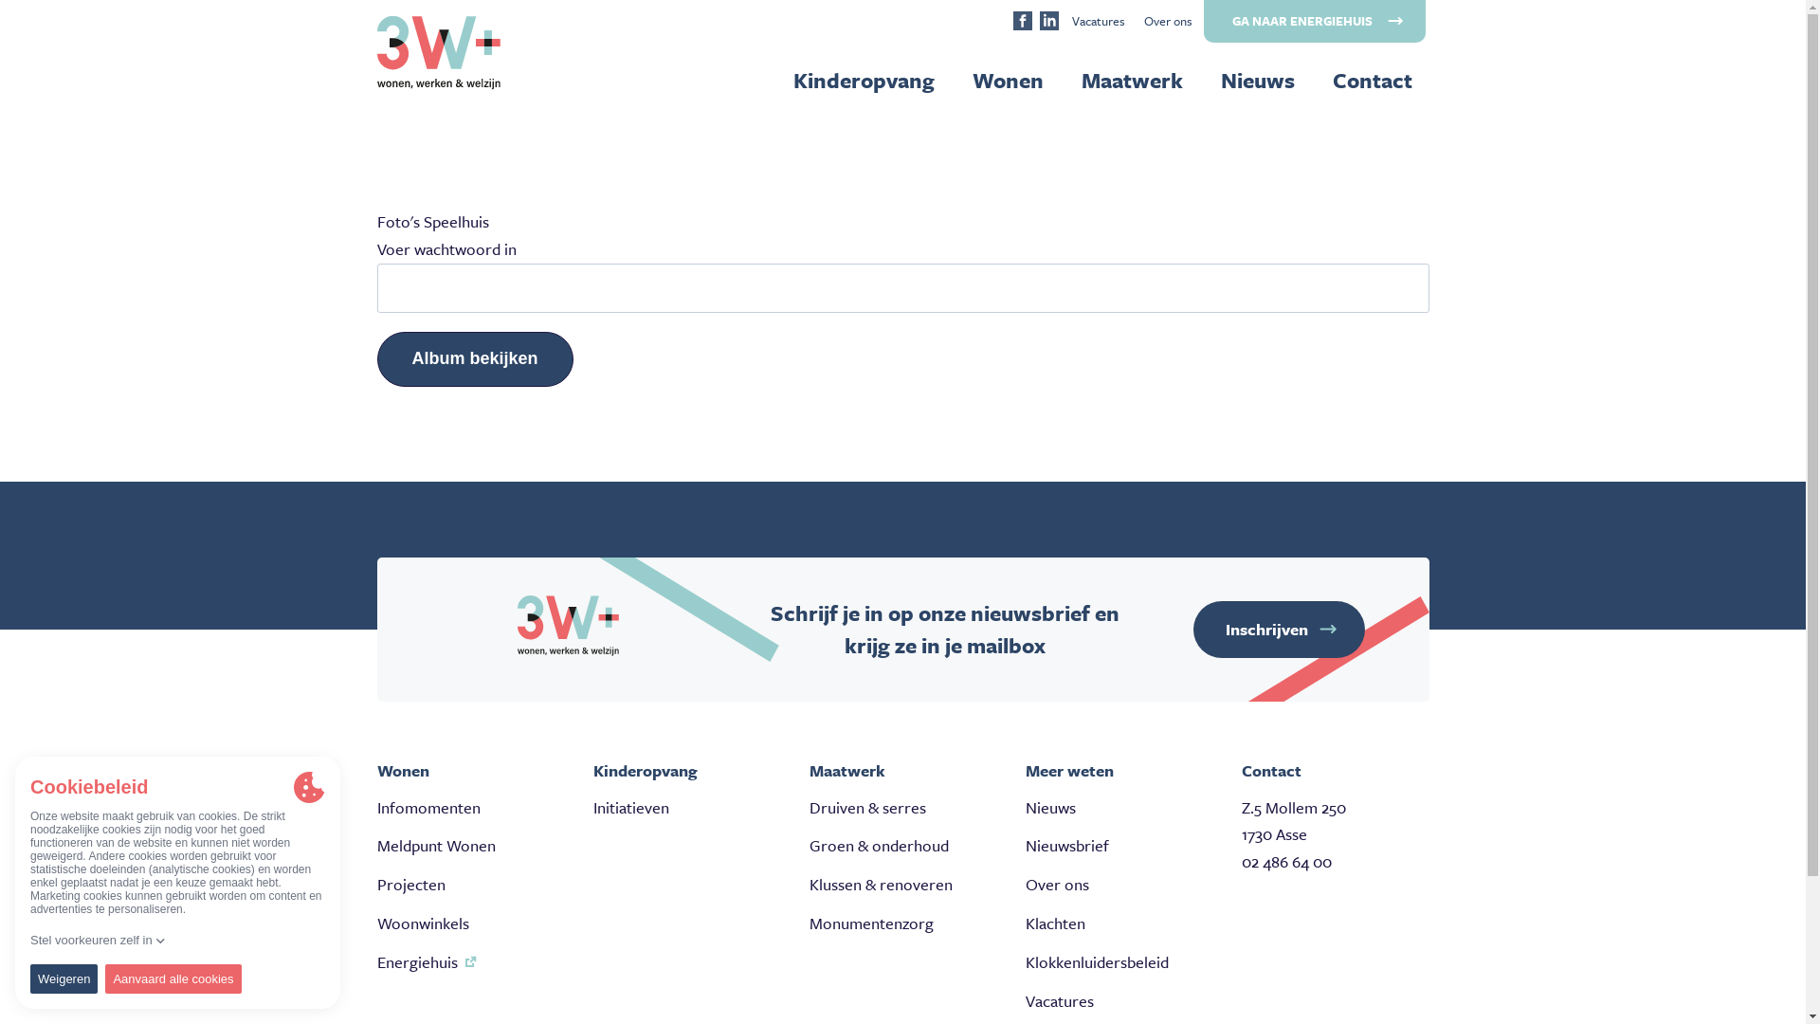 The width and height of the screenshot is (1820, 1024). What do you see at coordinates (409, 884) in the screenshot?
I see `'Projecten'` at bounding box center [409, 884].